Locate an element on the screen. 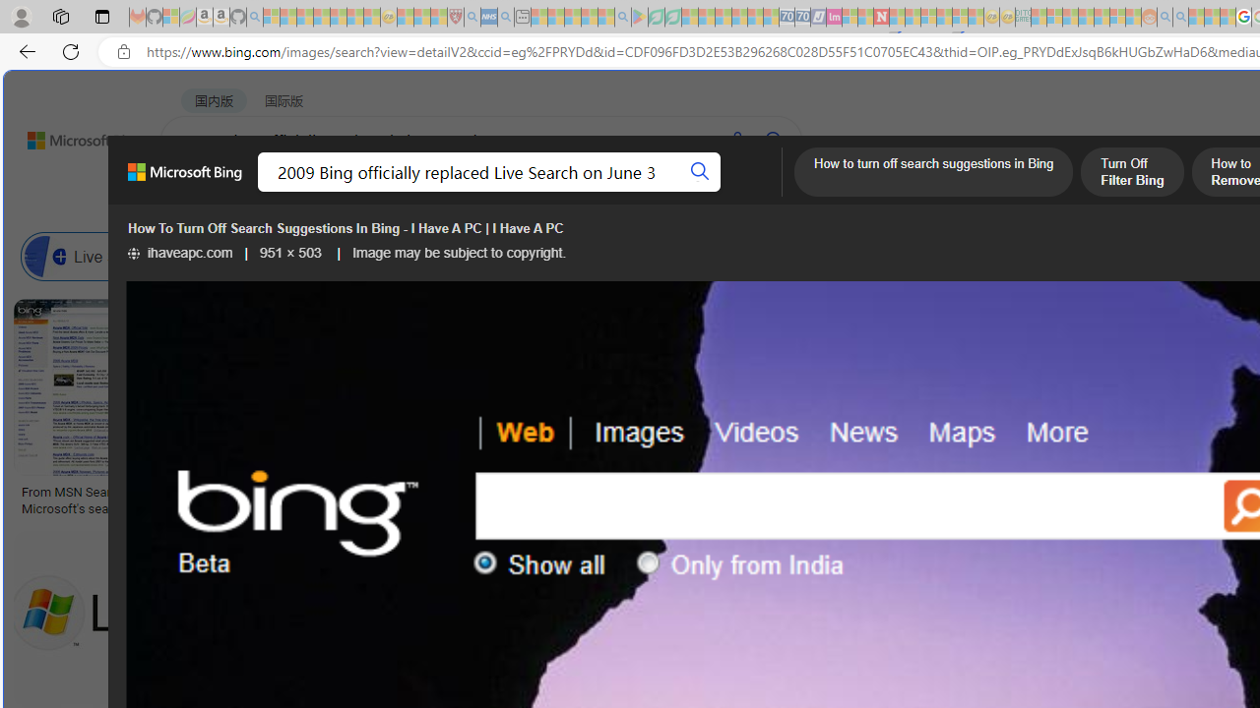 This screenshot has width=1260, height=708. 'MY BING' is located at coordinates (271, 192).